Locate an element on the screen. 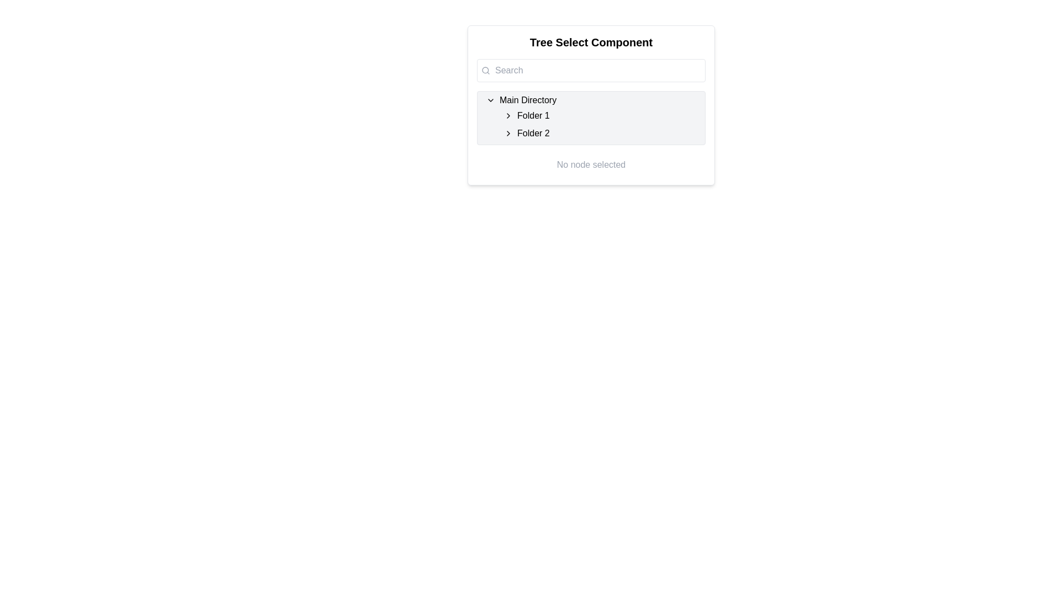 This screenshot has width=1060, height=596. the 'Folder 1' list item in the tree view is located at coordinates (595, 115).